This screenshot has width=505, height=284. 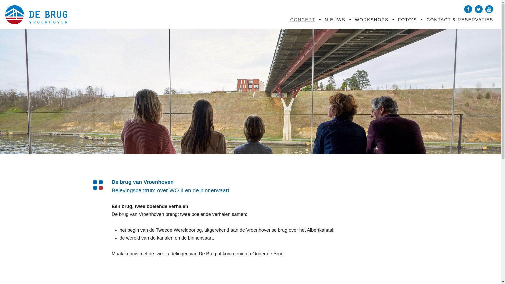 What do you see at coordinates (478, 9) in the screenshot?
I see `'Twitter'` at bounding box center [478, 9].